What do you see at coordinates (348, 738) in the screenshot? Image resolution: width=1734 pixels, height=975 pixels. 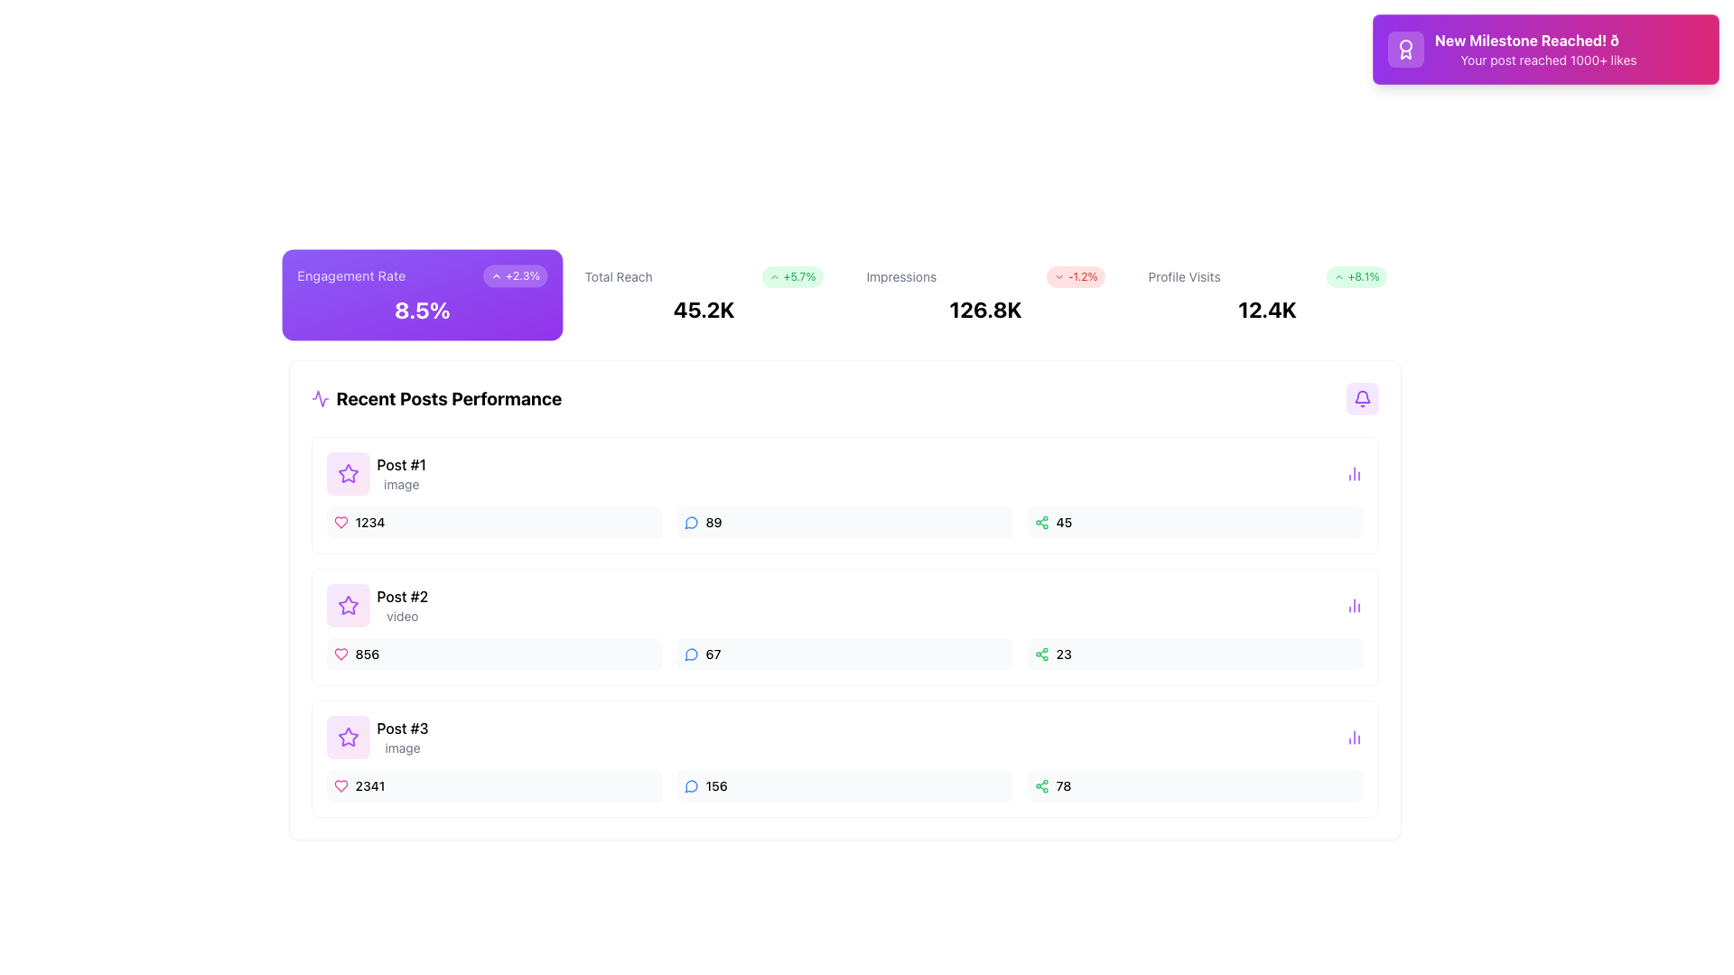 I see `the star icon representing the favorite or featured status of the post in the 'Recent Posts Performance' section, located to the left of the label 'Post #1'` at bounding box center [348, 738].